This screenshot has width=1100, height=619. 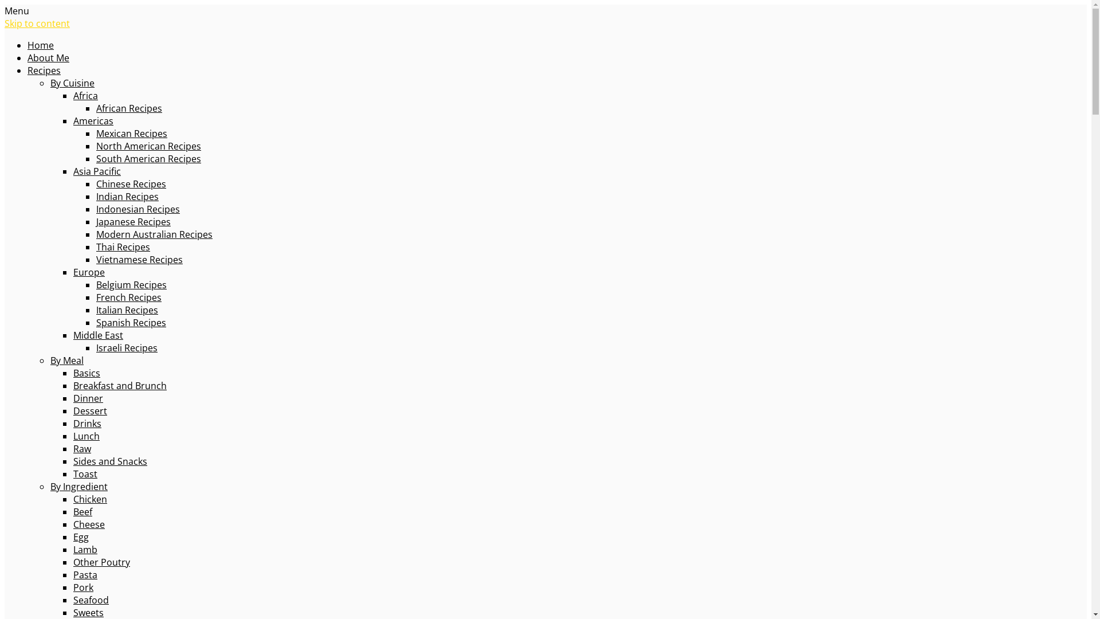 I want to click on 'Middle East', so click(x=73, y=335).